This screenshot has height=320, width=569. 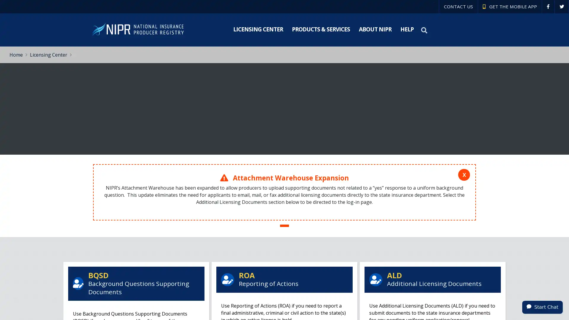 I want to click on Slide #1, so click(x=284, y=225).